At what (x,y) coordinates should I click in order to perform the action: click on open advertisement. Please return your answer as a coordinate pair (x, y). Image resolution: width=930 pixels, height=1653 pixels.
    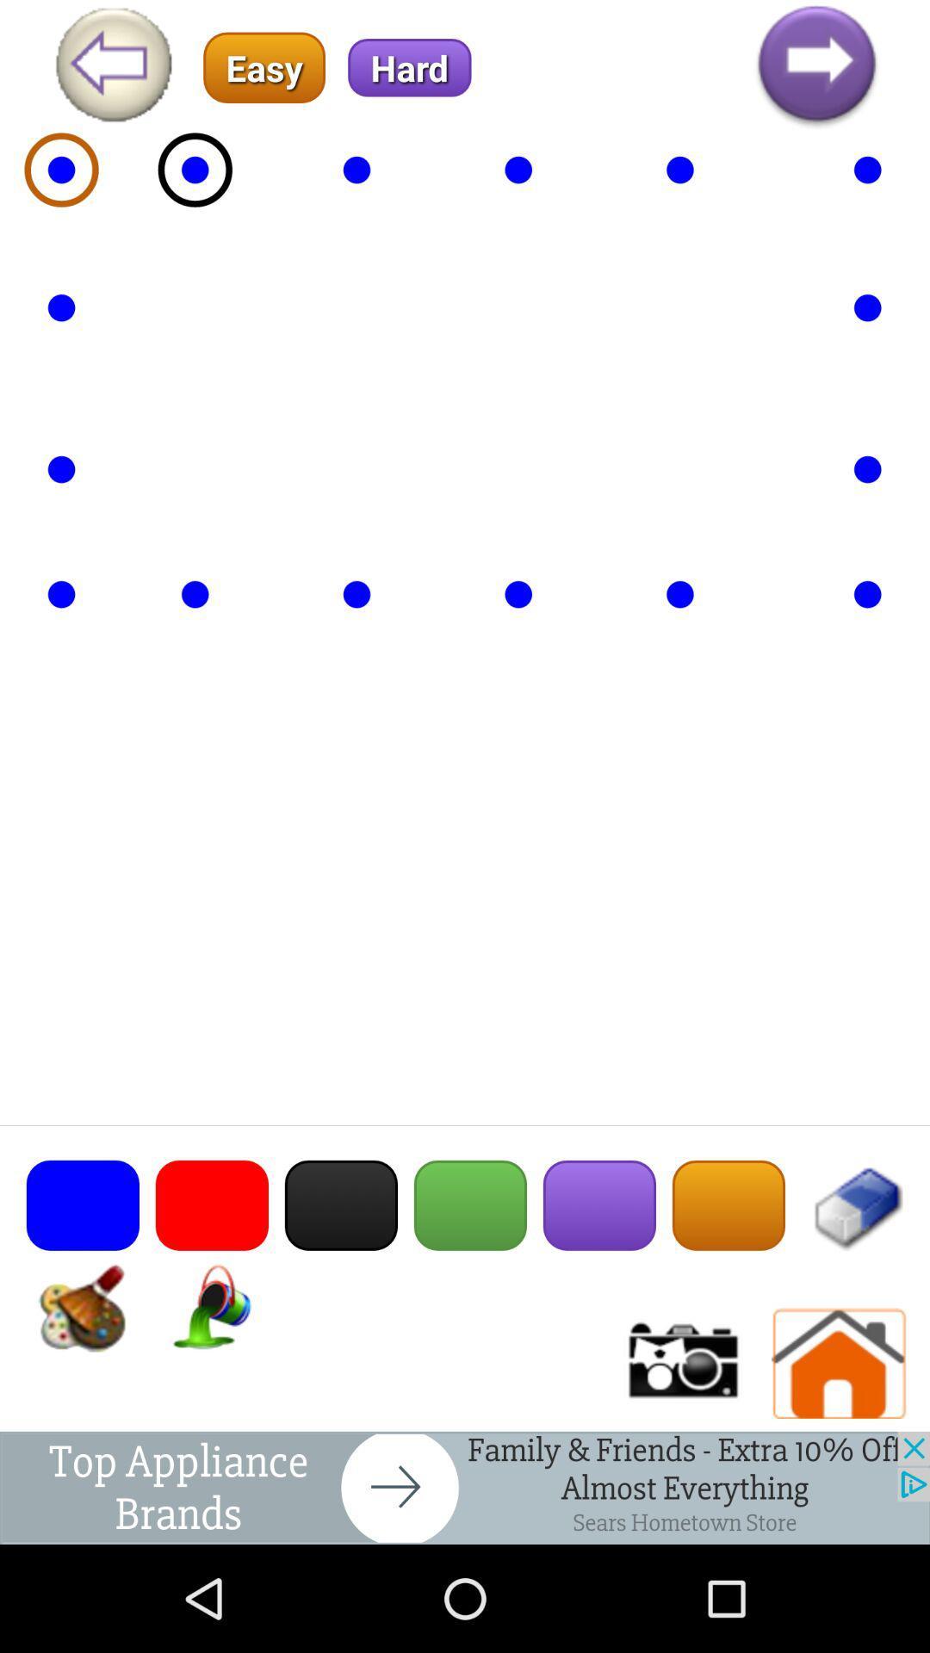
    Looking at the image, I should click on (465, 1487).